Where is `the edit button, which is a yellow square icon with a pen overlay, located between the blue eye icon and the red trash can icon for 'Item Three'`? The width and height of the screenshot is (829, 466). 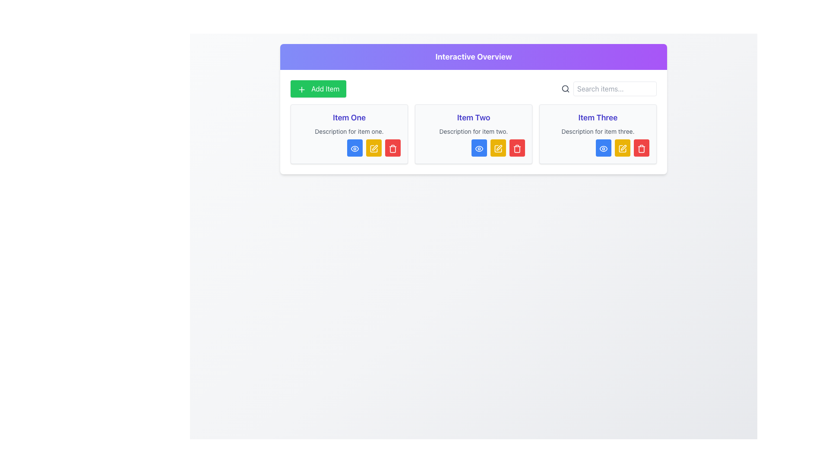 the edit button, which is a yellow square icon with a pen overlay, located between the blue eye icon and the red trash can icon for 'Item Three' is located at coordinates (622, 148).